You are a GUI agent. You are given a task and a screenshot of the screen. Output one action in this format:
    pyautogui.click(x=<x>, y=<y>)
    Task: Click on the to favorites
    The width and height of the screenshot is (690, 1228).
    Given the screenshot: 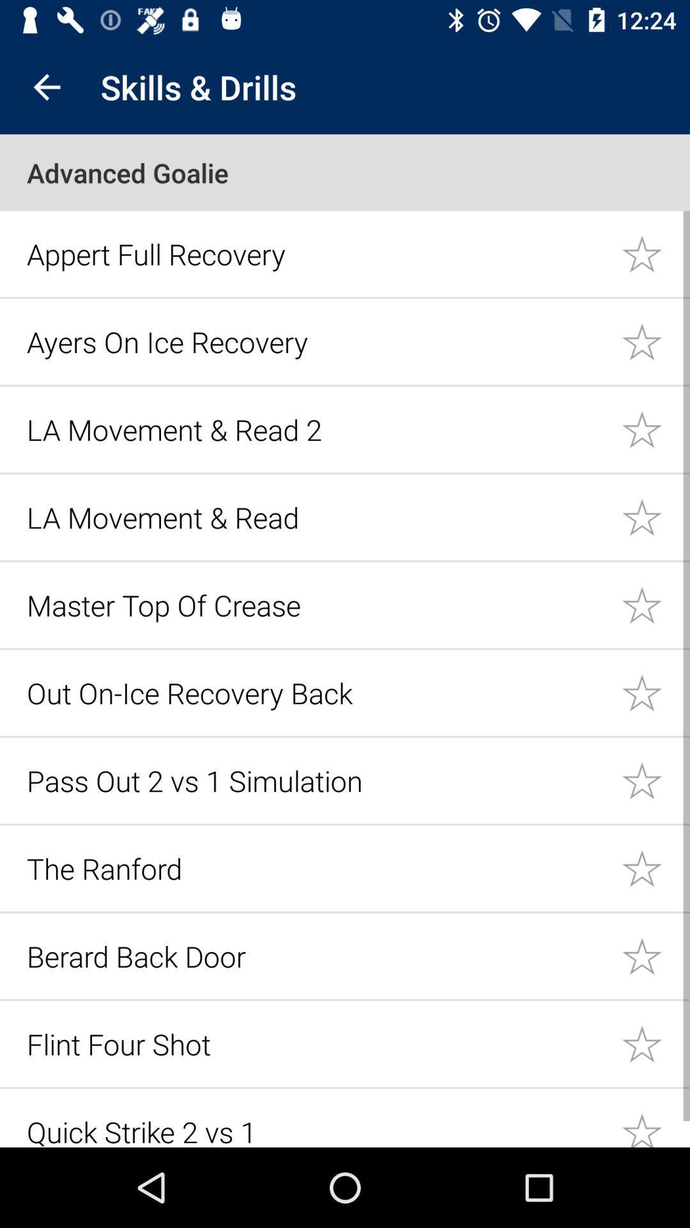 What is the action you would take?
    pyautogui.click(x=655, y=780)
    